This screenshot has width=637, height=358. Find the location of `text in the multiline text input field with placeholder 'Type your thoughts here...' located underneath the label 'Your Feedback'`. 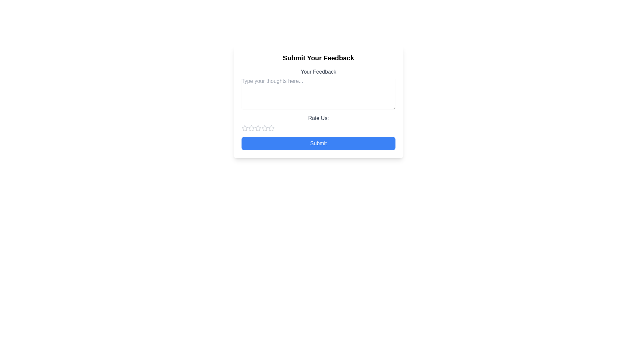

text in the multiline text input field with placeholder 'Type your thoughts here...' located underneath the label 'Your Feedback' is located at coordinates (318, 93).